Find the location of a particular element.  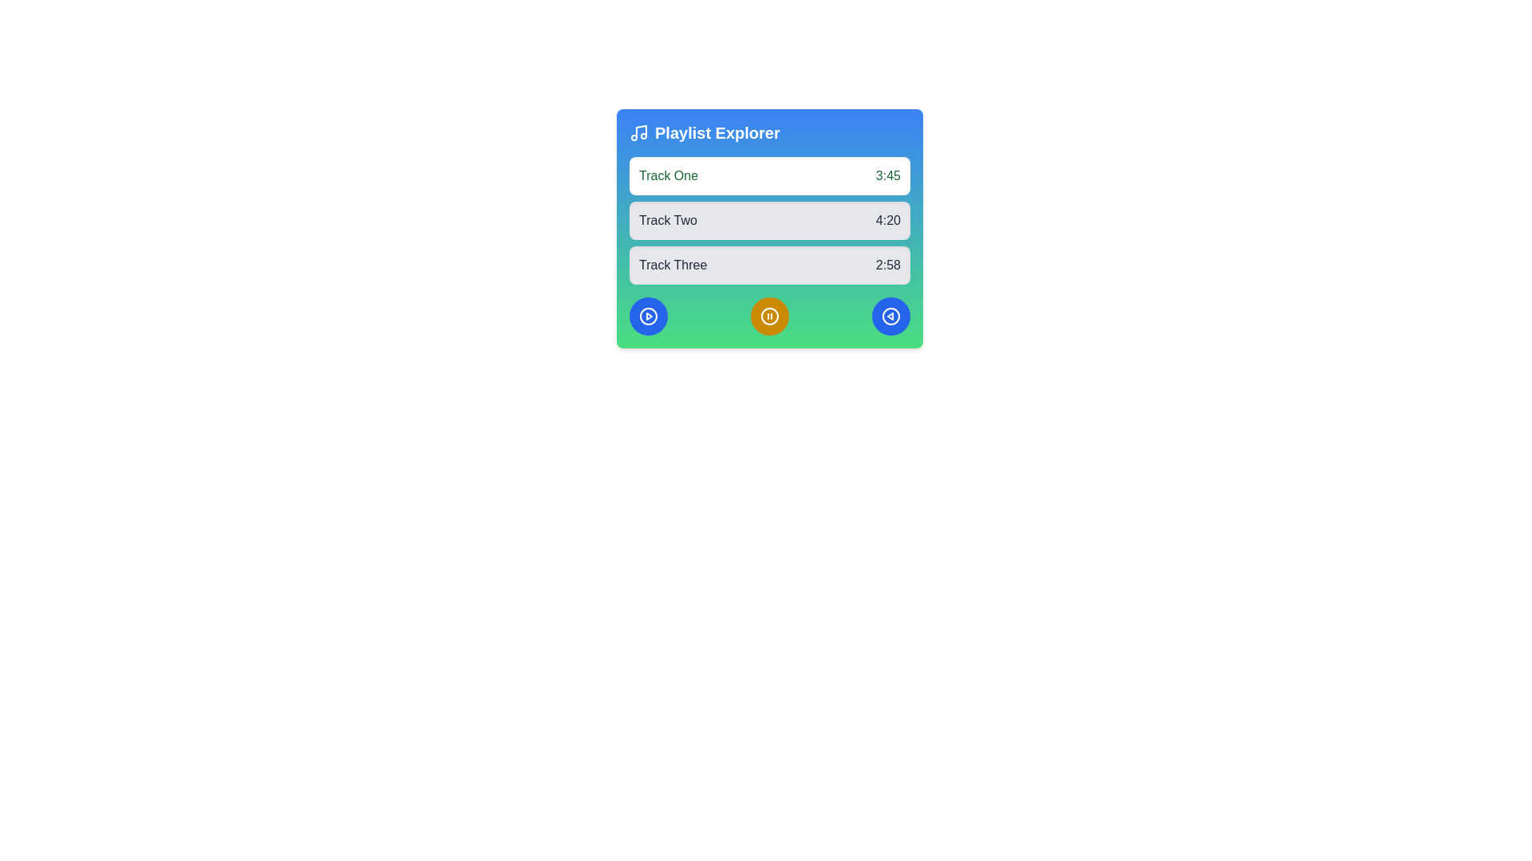

the second list item in the 'Playlist Explorer' that displays the title and duration of a track, located between 'Track One 3:45' and 'Track Three 2:58.' is located at coordinates (769, 221).